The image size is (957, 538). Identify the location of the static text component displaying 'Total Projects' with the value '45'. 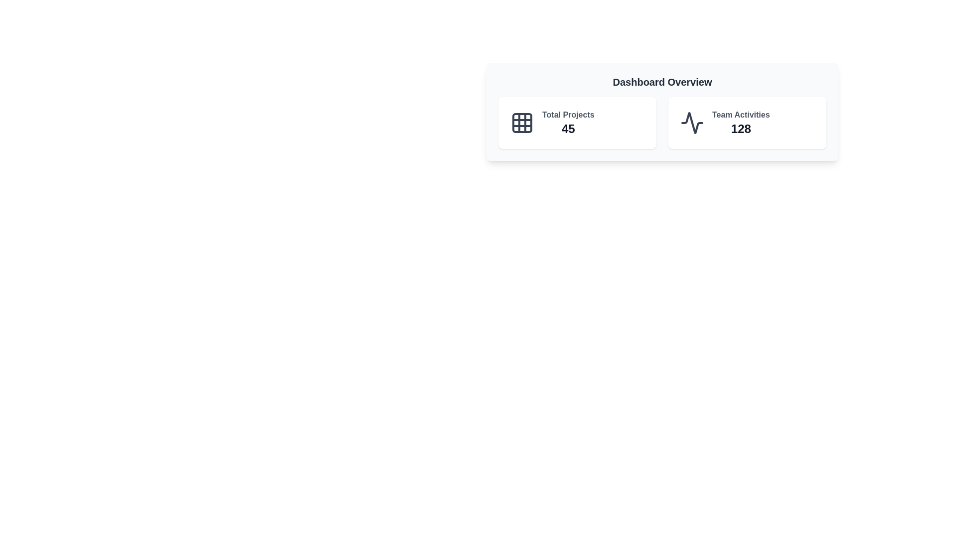
(568, 122).